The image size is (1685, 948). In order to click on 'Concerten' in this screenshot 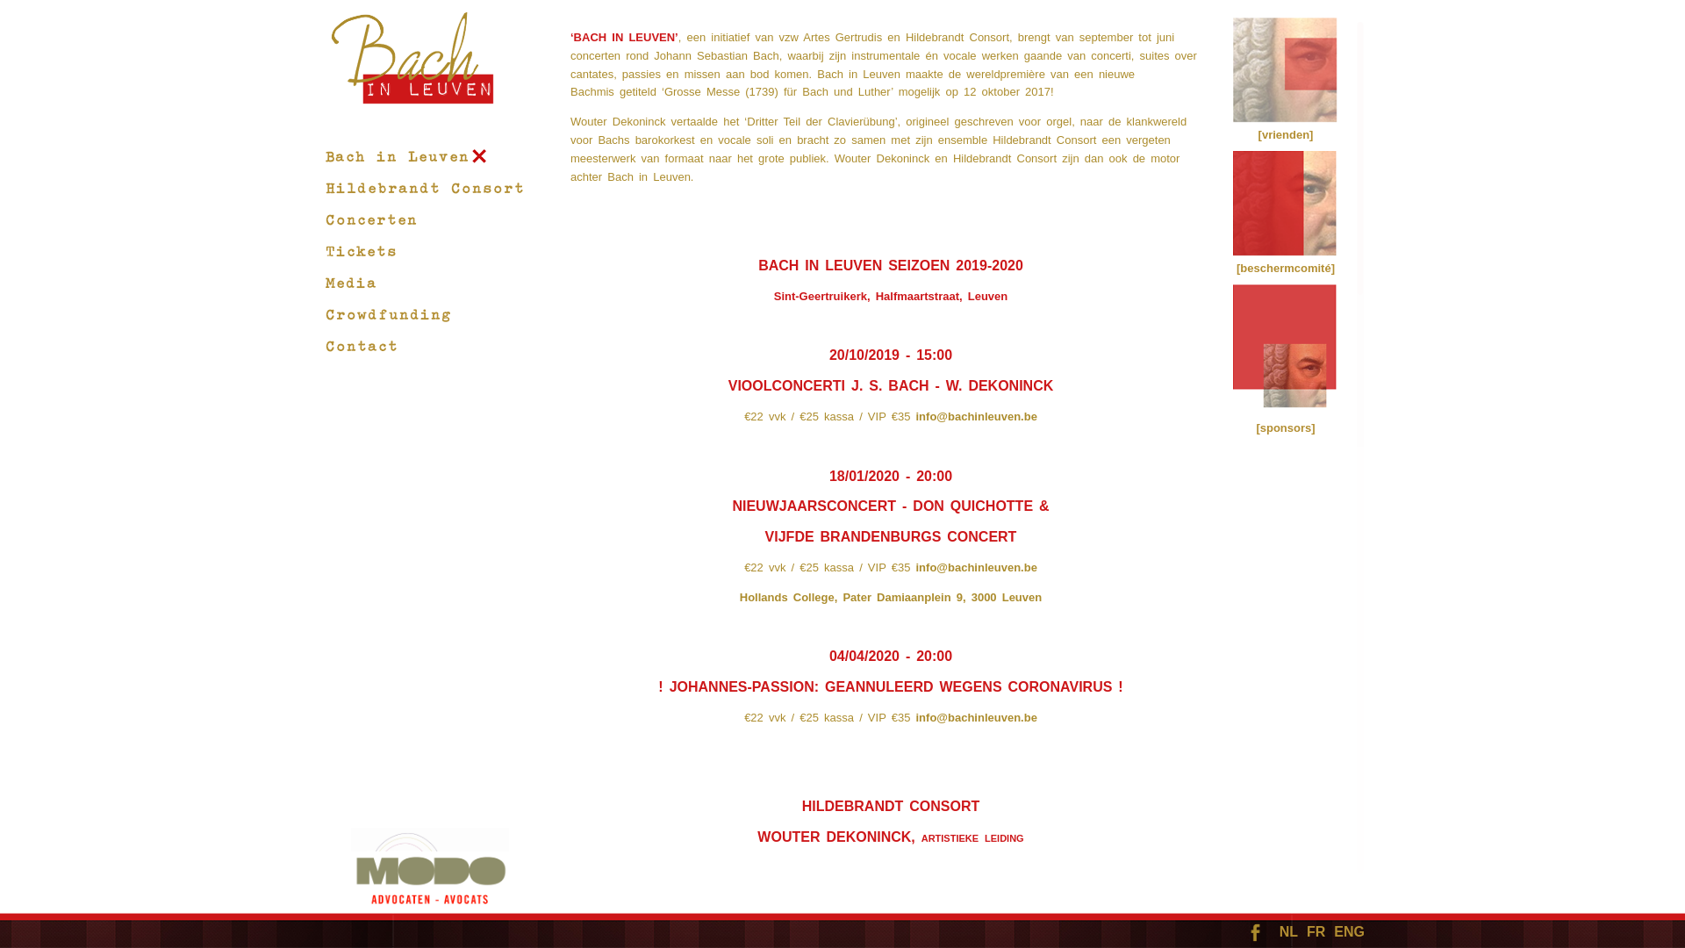, I will do `click(369, 218)`.